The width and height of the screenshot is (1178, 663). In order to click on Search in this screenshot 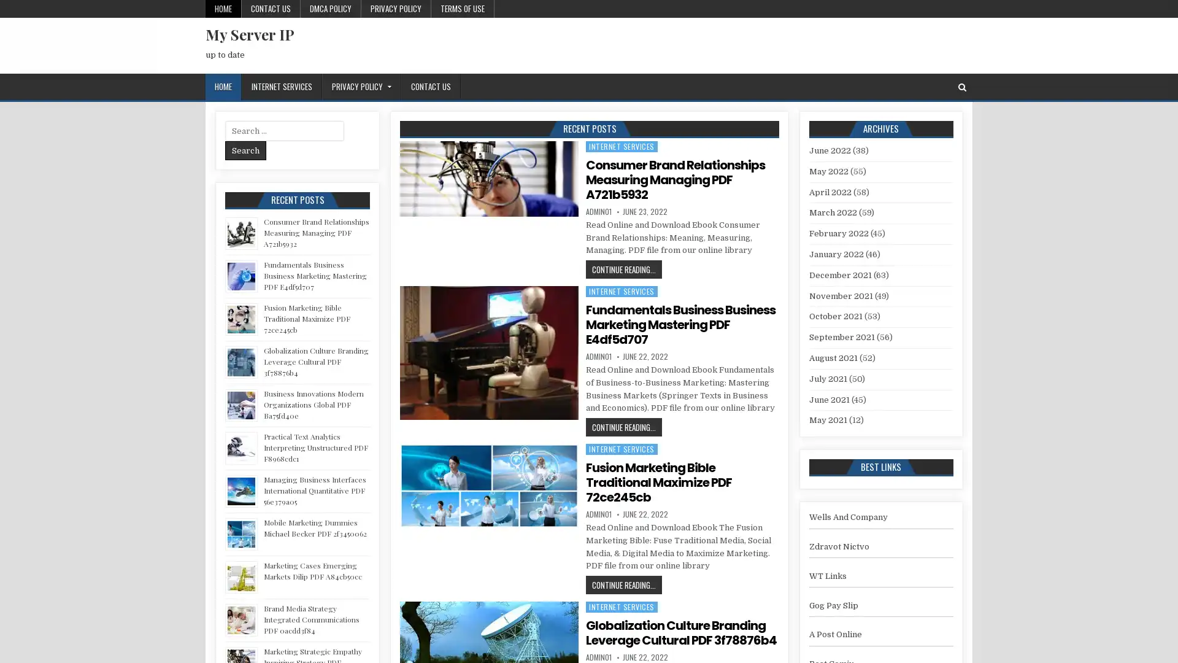, I will do `click(245, 150)`.